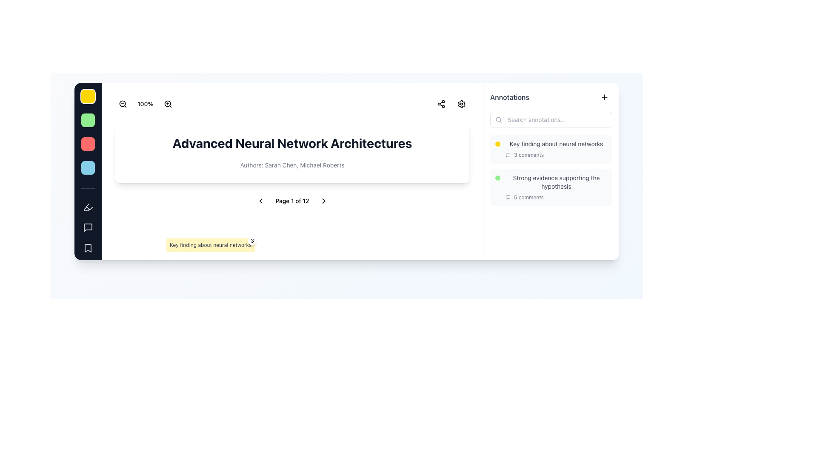 The height and width of the screenshot is (459, 817). I want to click on the '3 comments' link associated with the annotation labeled 'Key finding about neural networks' in the annotations panel on the right side of the interface, so click(556, 149).